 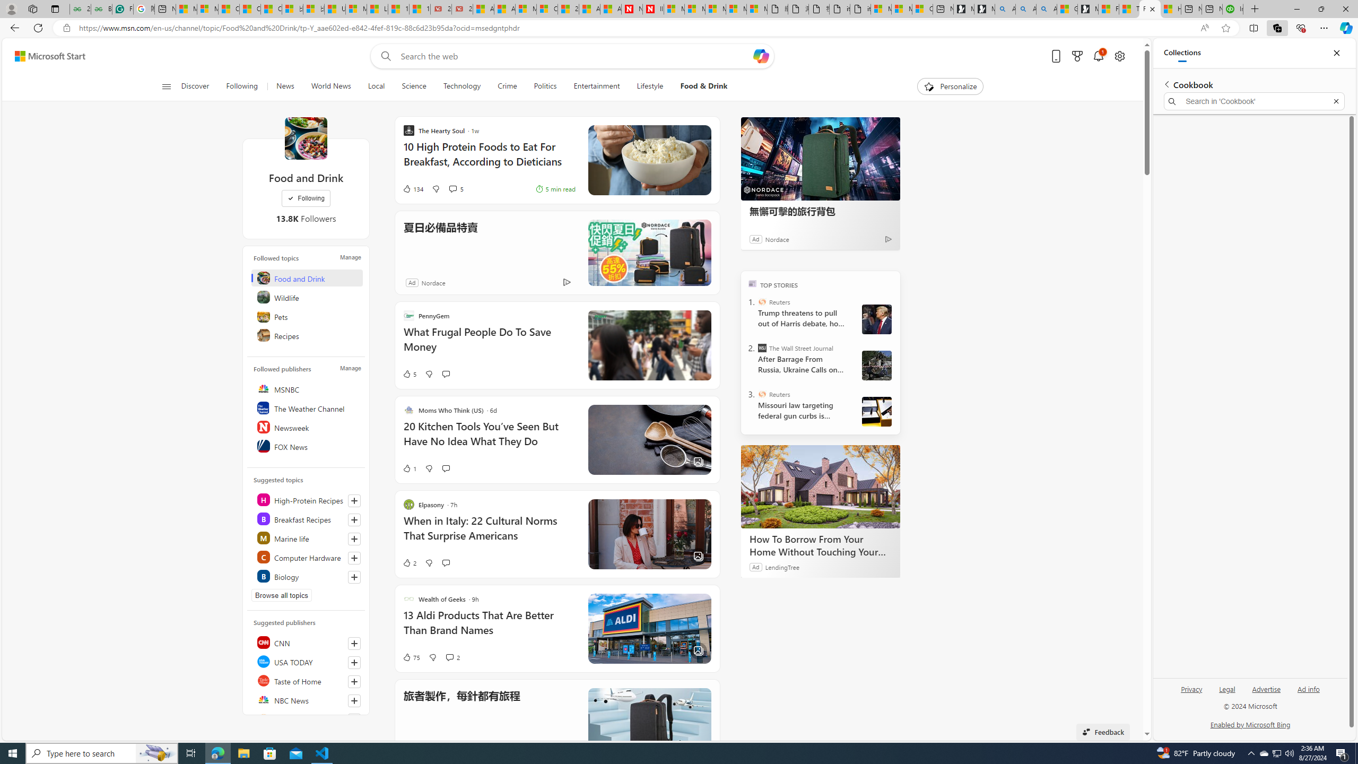 What do you see at coordinates (66, 28) in the screenshot?
I see `'View site information'` at bounding box center [66, 28].